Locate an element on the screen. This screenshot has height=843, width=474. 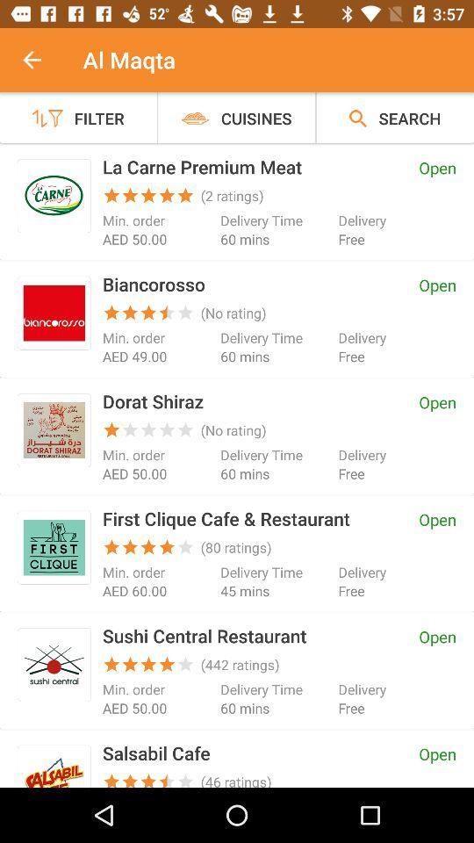
the salsabil cafe info page is located at coordinates (54, 768).